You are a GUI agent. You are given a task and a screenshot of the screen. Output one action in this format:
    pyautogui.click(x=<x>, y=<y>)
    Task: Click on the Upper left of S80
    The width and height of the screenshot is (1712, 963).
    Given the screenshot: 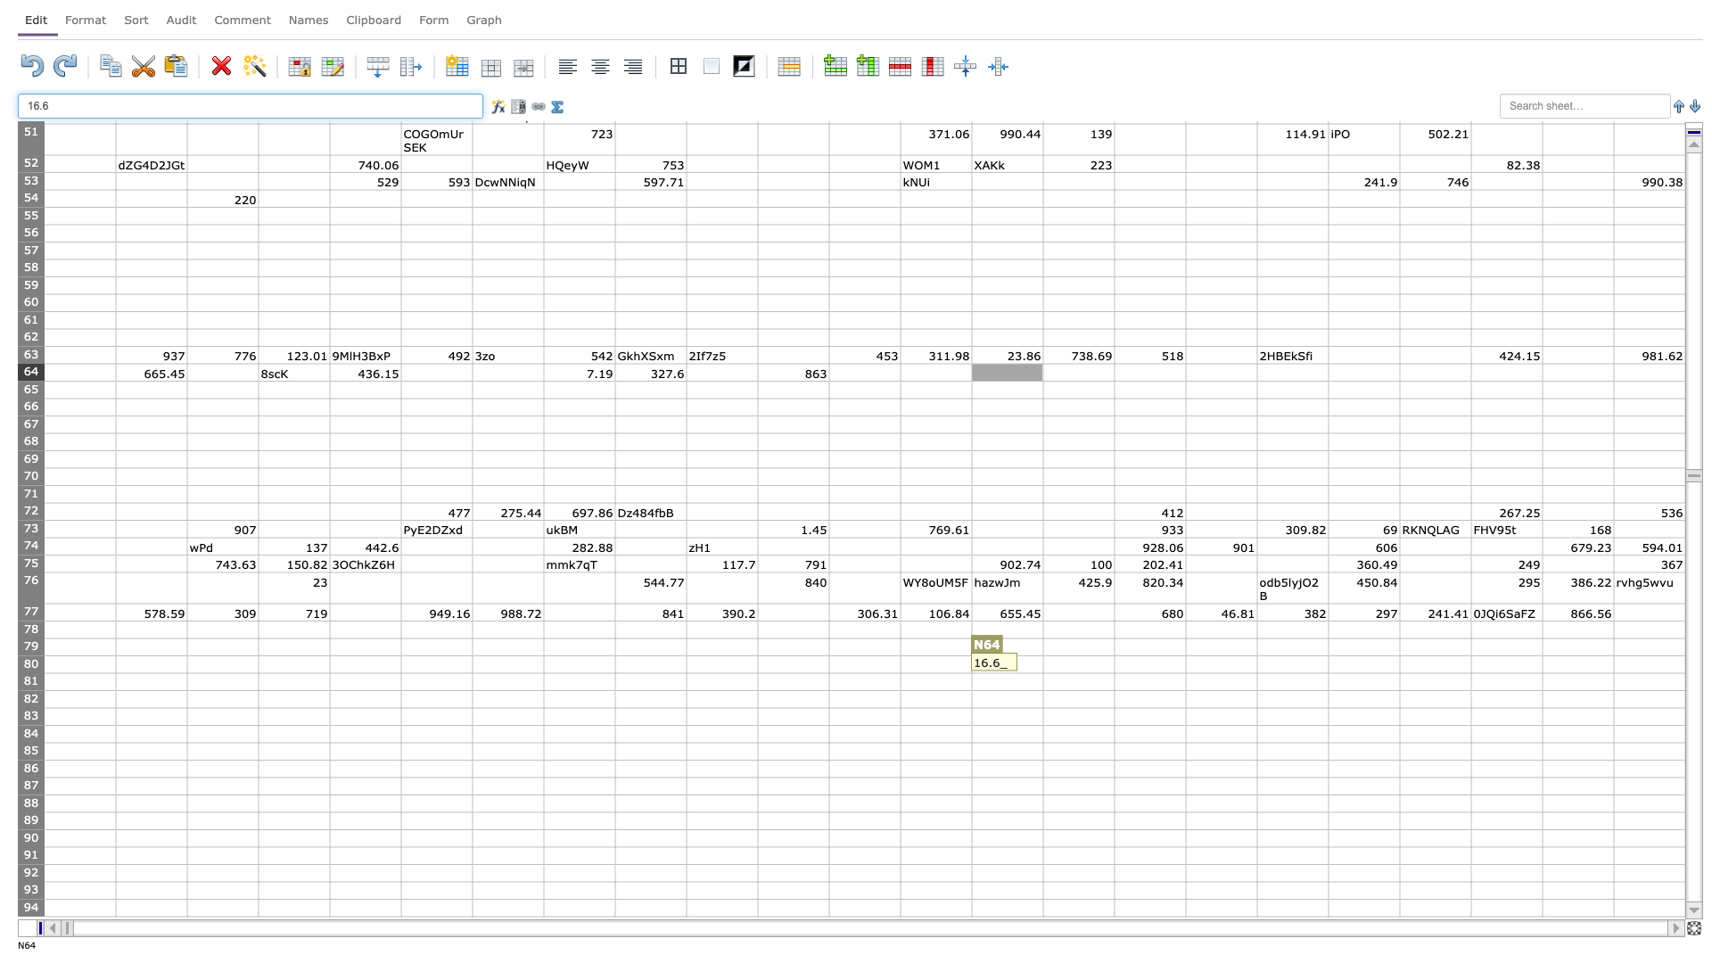 What is the action you would take?
    pyautogui.click(x=1328, y=655)
    